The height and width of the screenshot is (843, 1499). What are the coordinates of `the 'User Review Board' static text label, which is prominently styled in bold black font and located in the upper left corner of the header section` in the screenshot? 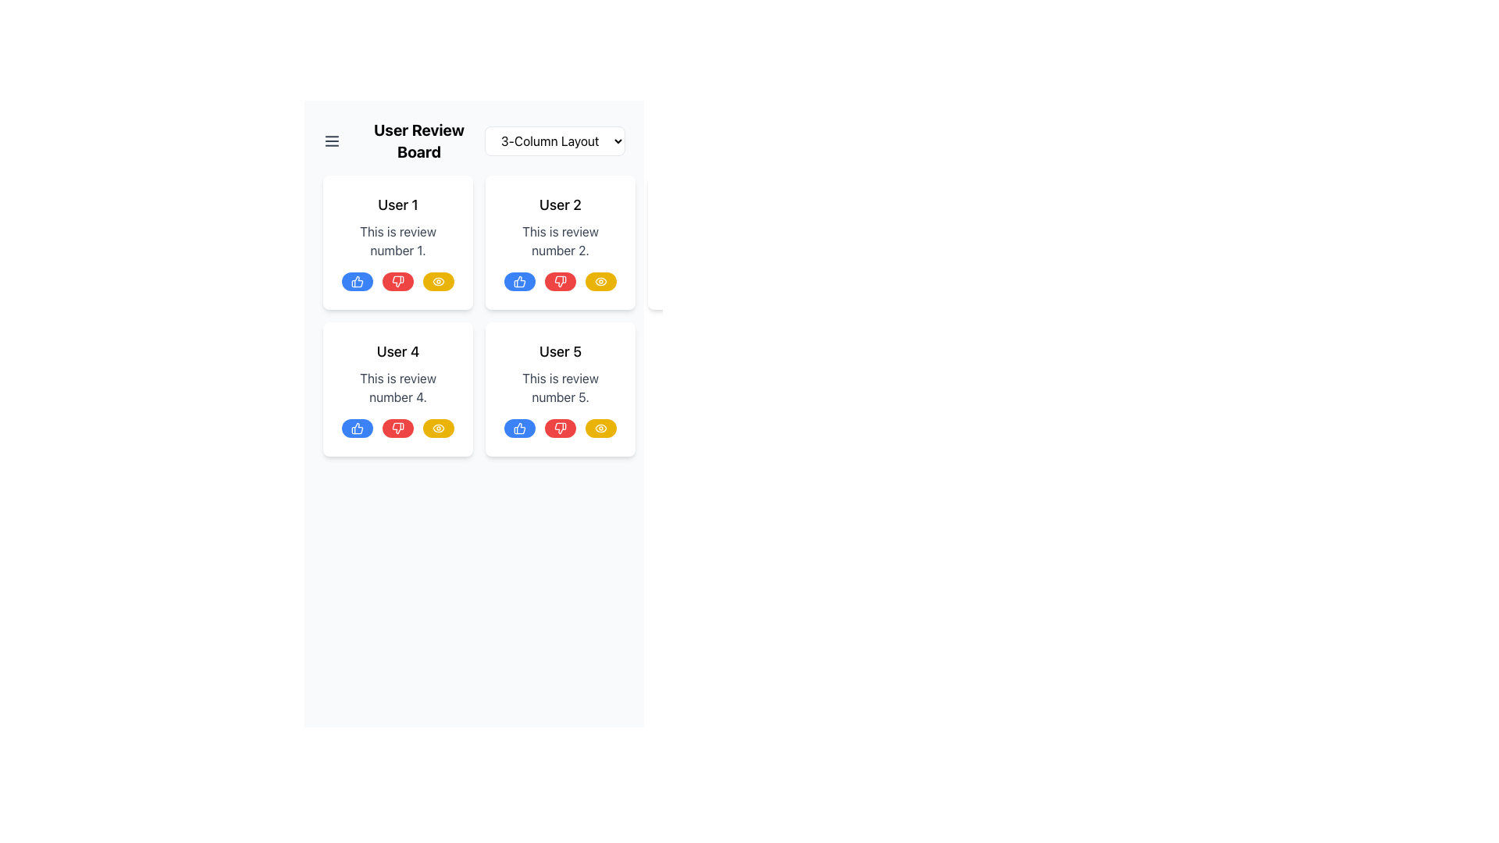 It's located at (404, 141).